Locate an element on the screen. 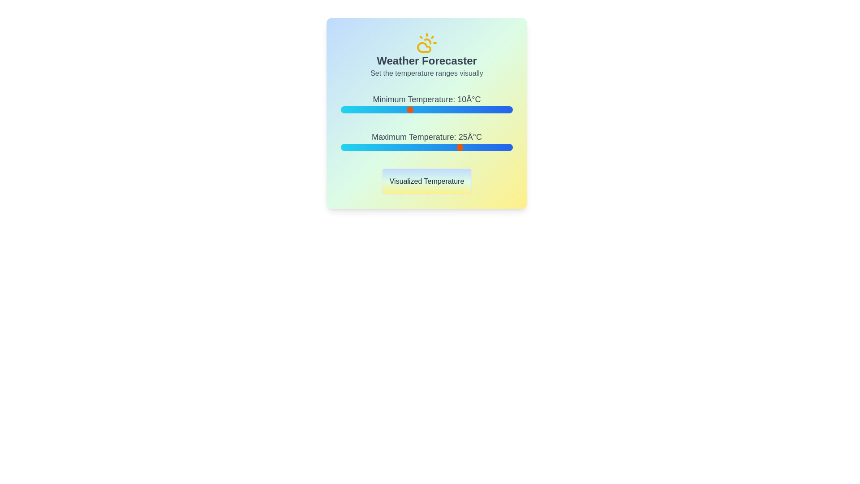  the maximum temperature slider to 17°C is located at coordinates (434, 147).